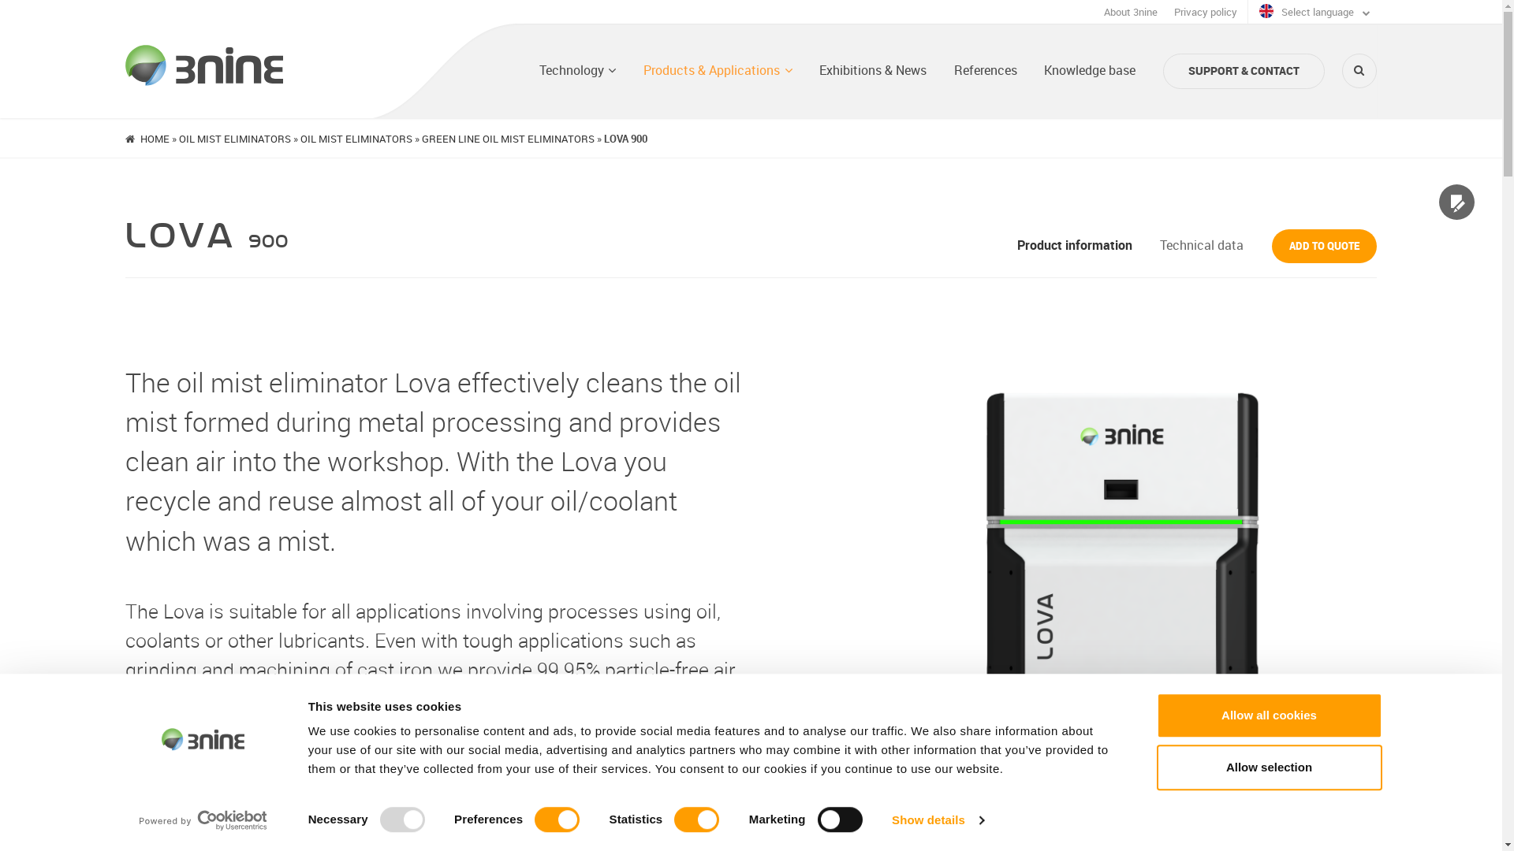 Image resolution: width=1514 pixels, height=851 pixels. I want to click on 'Exhibitions & News', so click(819, 69).